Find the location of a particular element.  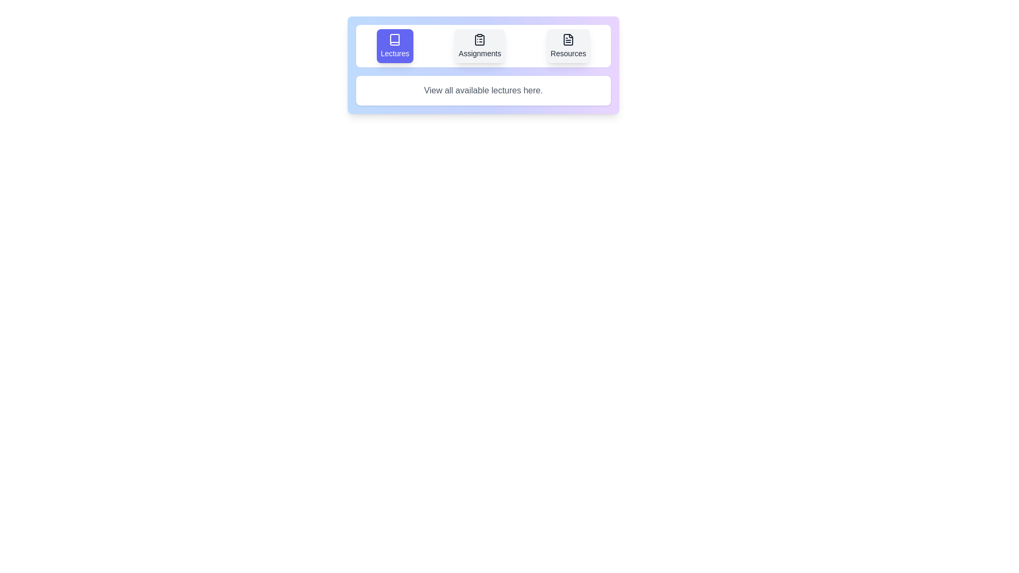

the Lectures tab to trigger its hover effect is located at coordinates (394, 46).